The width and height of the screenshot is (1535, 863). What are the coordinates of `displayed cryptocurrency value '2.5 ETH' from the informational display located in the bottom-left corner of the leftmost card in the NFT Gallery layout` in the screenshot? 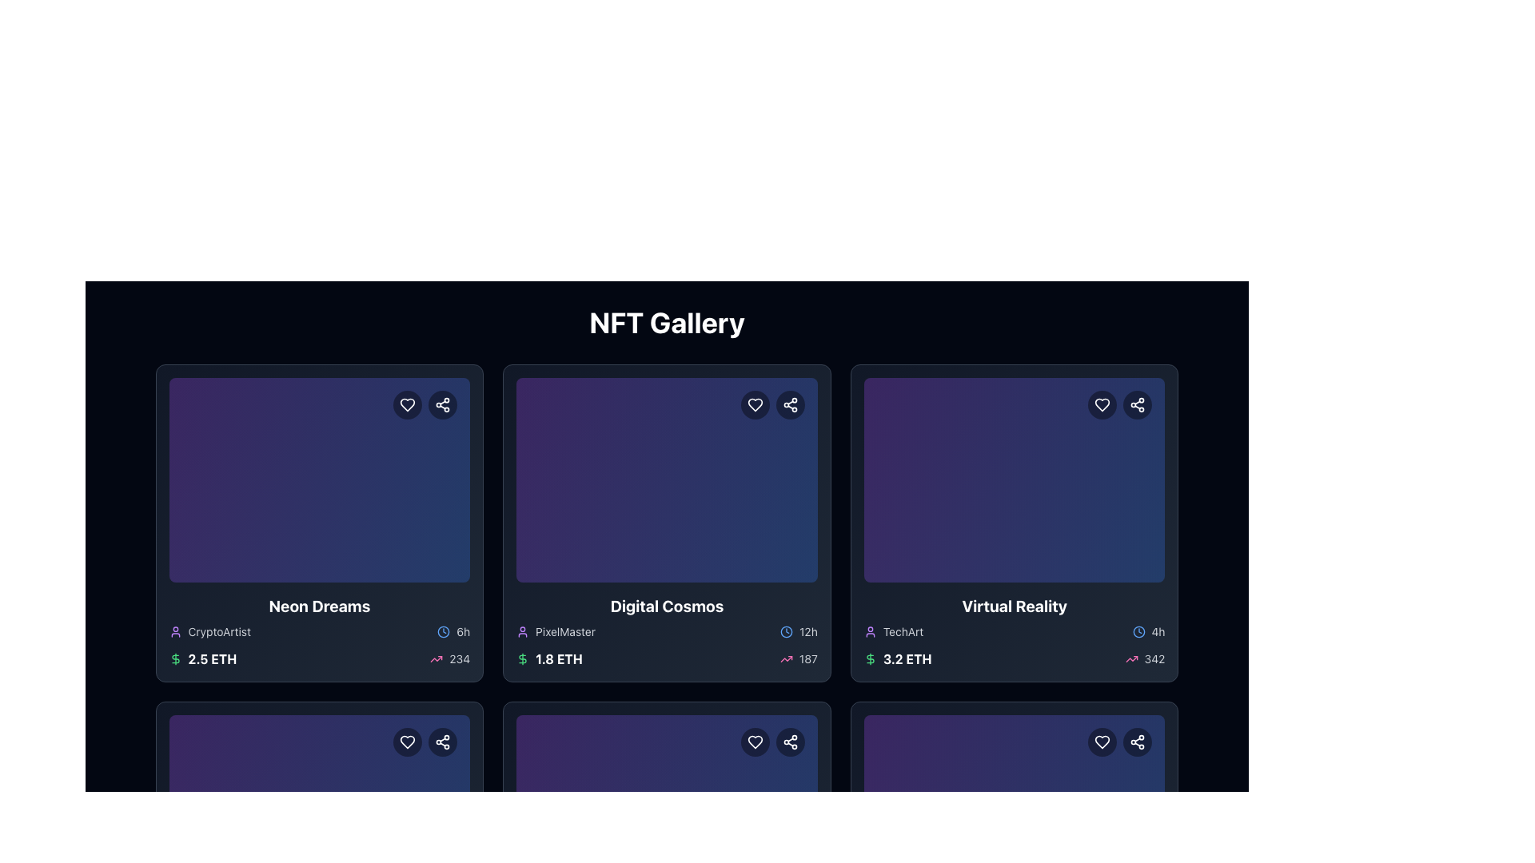 It's located at (202, 659).